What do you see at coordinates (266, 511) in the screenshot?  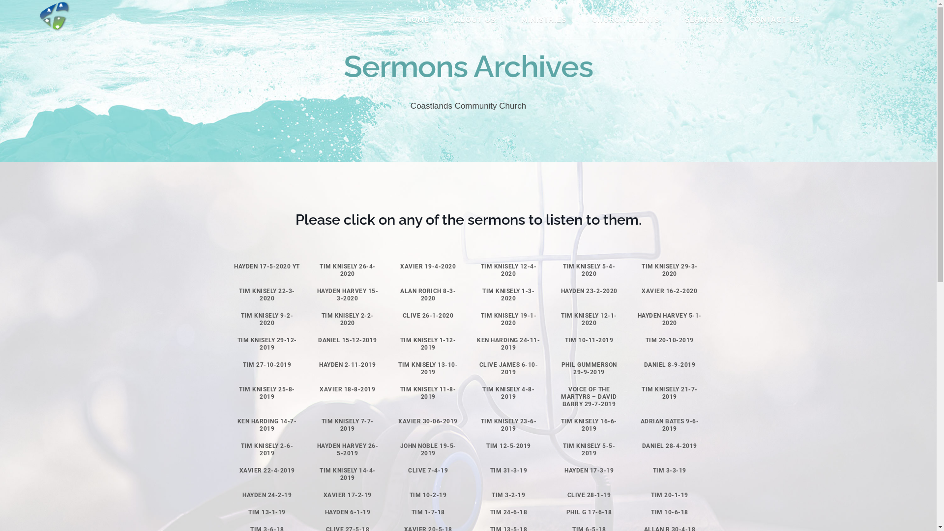 I see `'TIM 13-1-19'` at bounding box center [266, 511].